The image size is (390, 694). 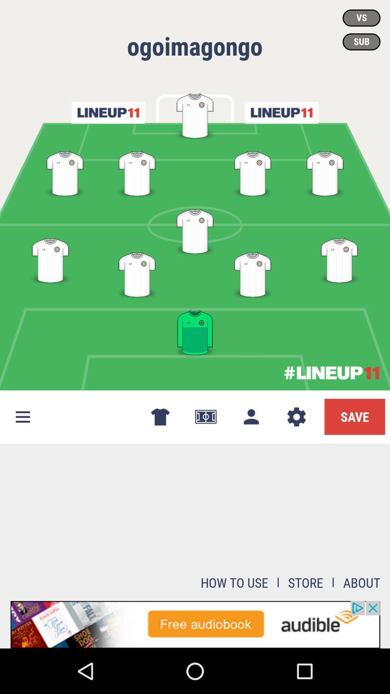 I want to click on the shirt option which is in the bottom row, so click(x=195, y=331).